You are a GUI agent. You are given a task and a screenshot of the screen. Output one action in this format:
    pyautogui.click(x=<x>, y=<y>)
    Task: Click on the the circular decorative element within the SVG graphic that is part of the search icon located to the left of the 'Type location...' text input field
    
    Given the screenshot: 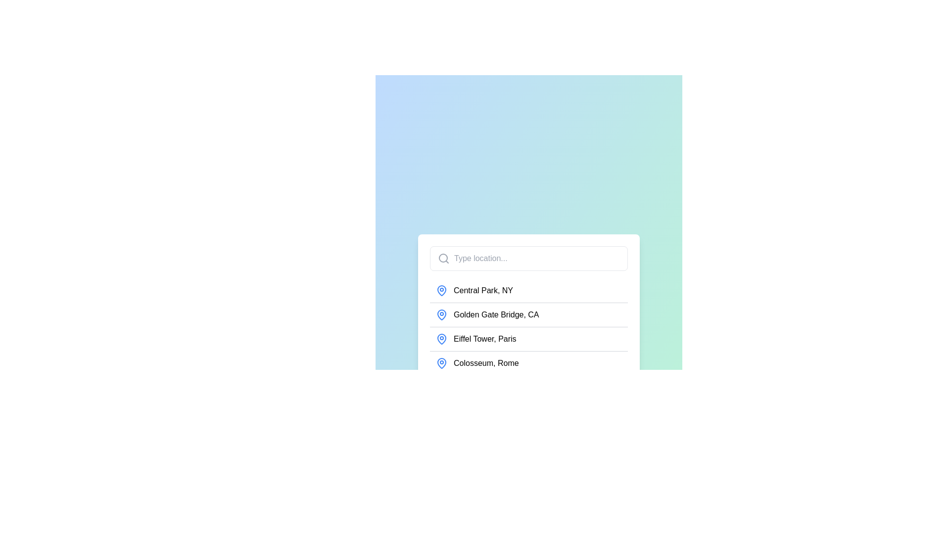 What is the action you would take?
    pyautogui.click(x=443, y=257)
    